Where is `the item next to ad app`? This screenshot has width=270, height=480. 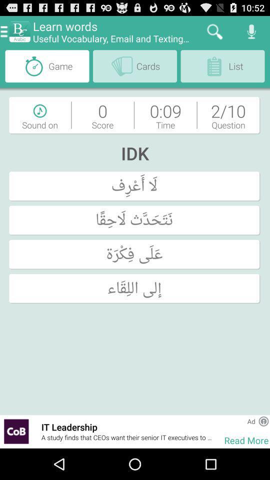
the item next to ad app is located at coordinates (234, 420).